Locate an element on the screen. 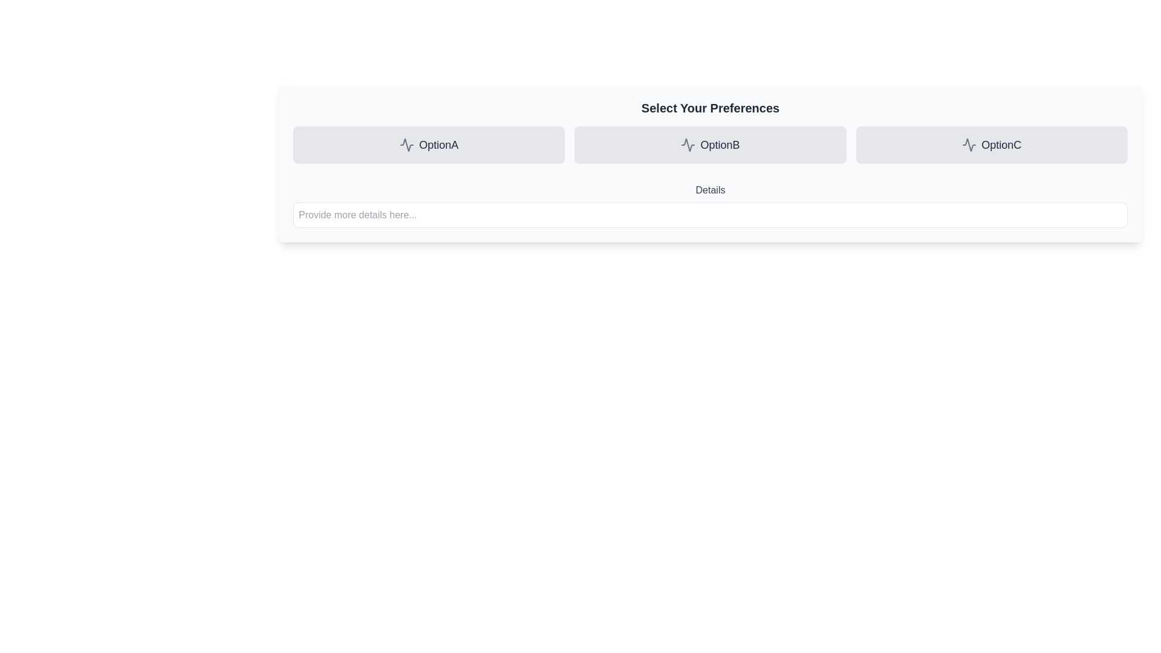 Image resolution: width=1161 pixels, height=653 pixels. the text label element reading 'Details', which is styled in grey with a bold font and positioned above the input box is located at coordinates (711, 190).